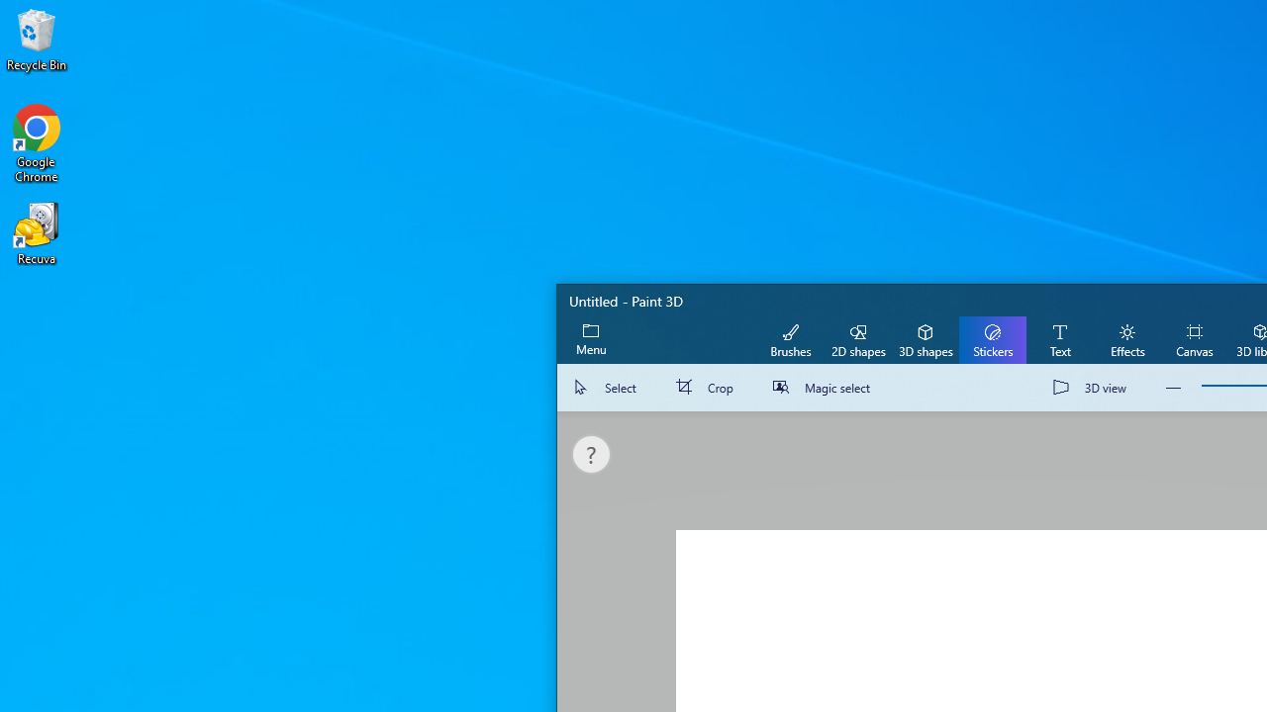  What do you see at coordinates (1093, 388) in the screenshot?
I see `'3D view'` at bounding box center [1093, 388].